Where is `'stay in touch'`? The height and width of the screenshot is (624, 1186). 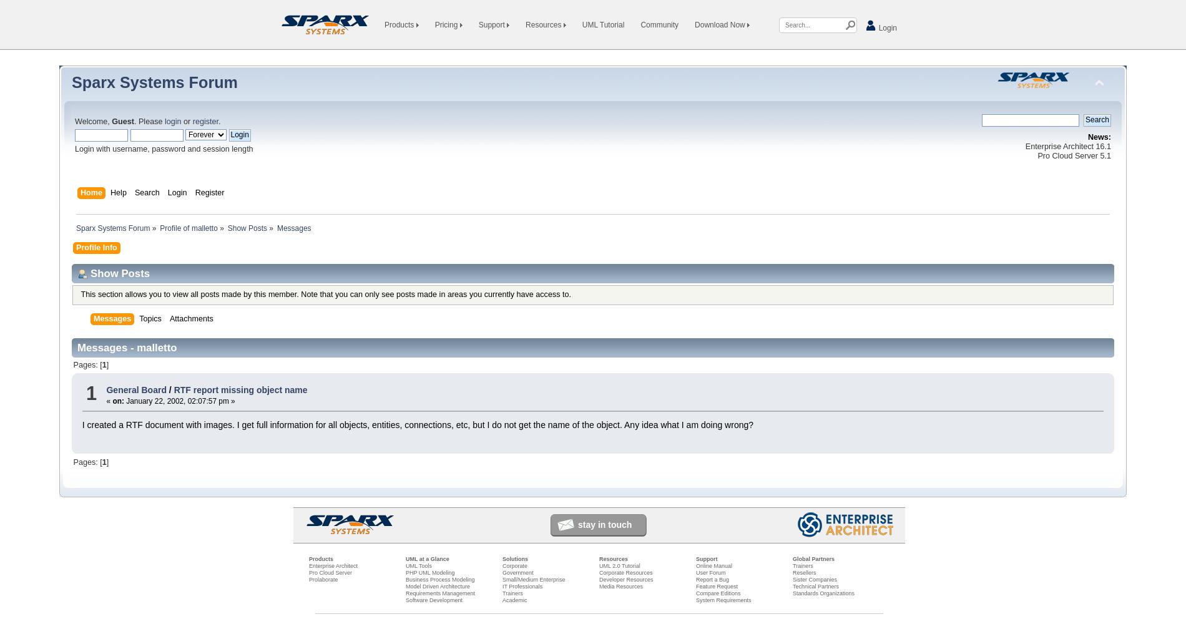 'stay in touch' is located at coordinates (577, 524).